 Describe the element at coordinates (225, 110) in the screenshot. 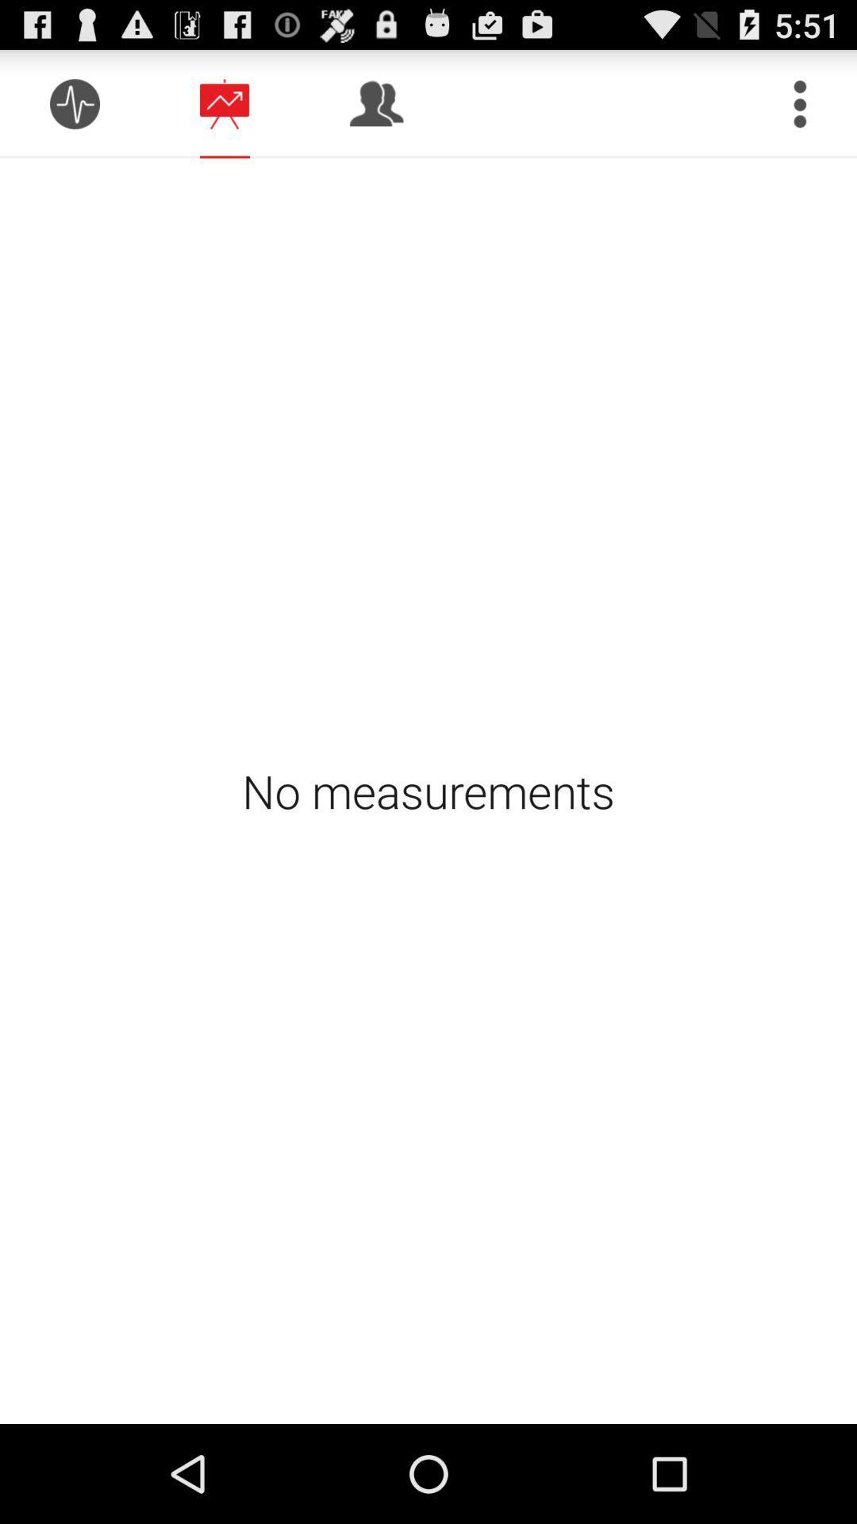

I see `the chat icon` at that location.